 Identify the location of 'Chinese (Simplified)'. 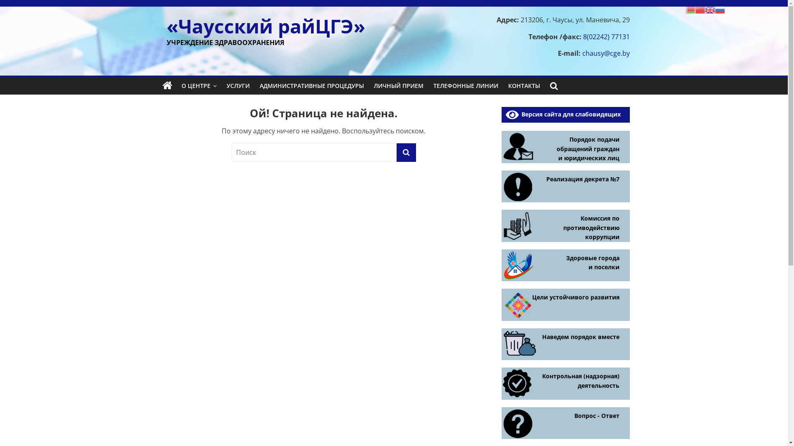
(700, 9).